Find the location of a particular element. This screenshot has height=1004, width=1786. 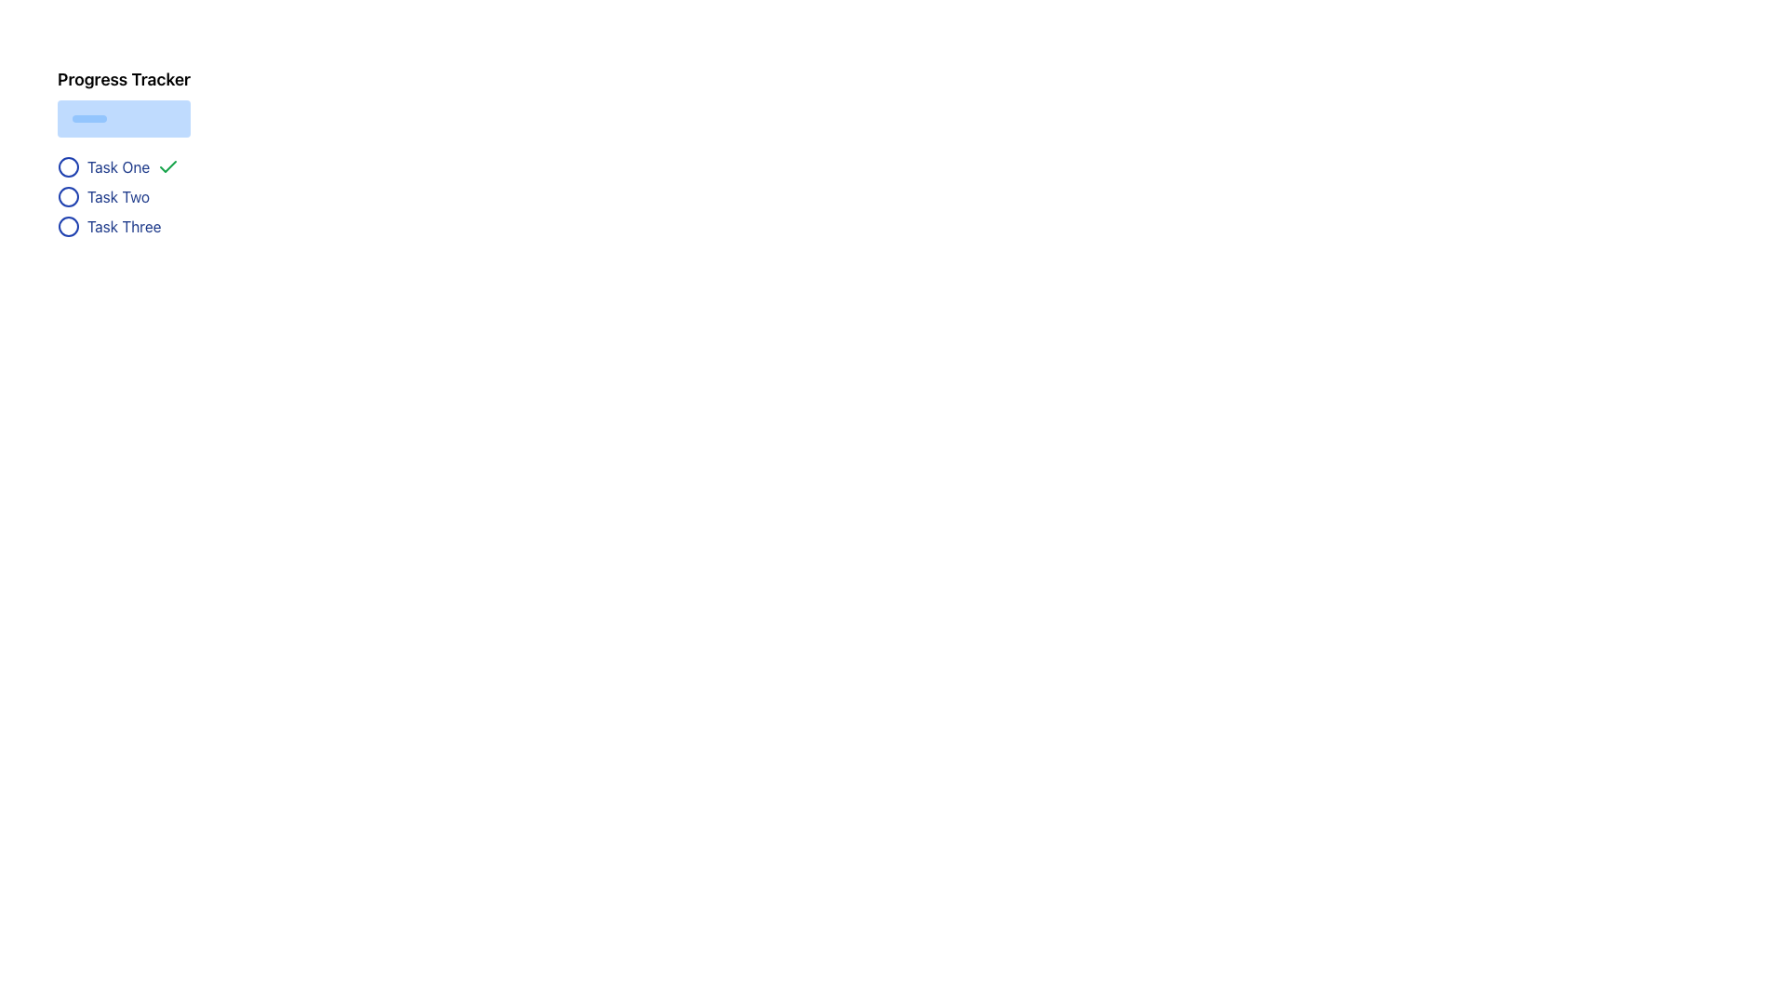

the task labeled 'Task Three' in the progress tracking UI is located at coordinates (123, 225).